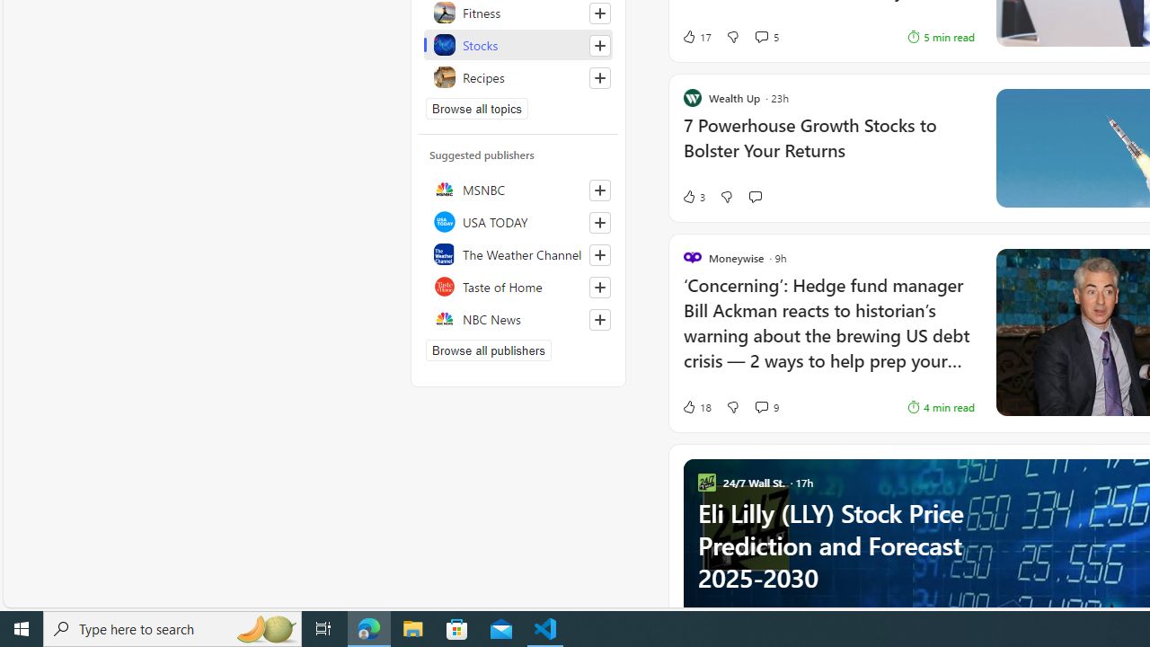 The width and height of the screenshot is (1150, 647). Describe the element at coordinates (599, 77) in the screenshot. I see `'Follow this topic'` at that location.